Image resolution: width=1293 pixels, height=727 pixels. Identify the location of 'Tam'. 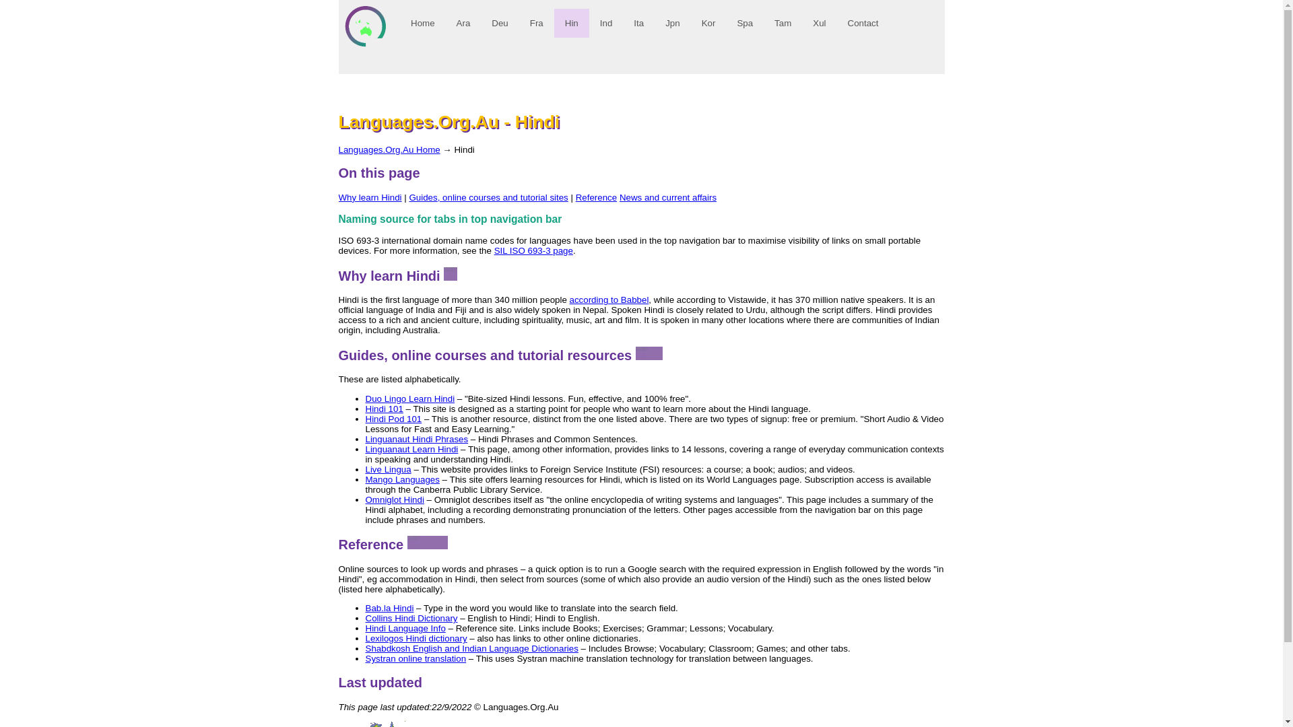
(783, 23).